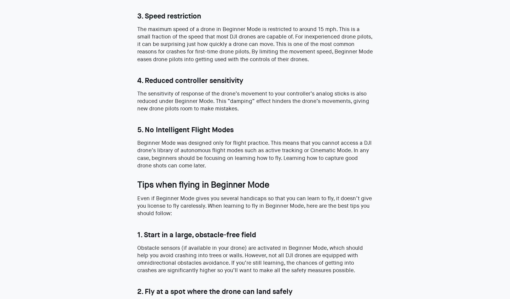 This screenshot has height=299, width=510. Describe the element at coordinates (214, 291) in the screenshot. I see `'2. Fly at a spot where the drone can land safely'` at that location.